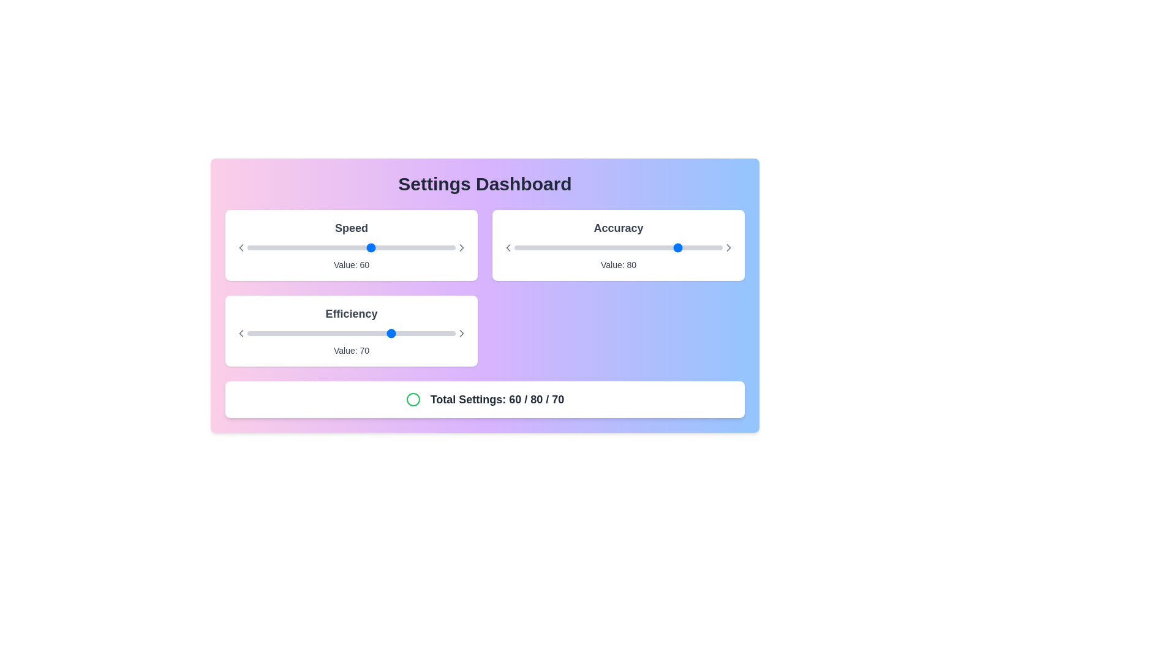 This screenshot has height=661, width=1176. Describe the element at coordinates (629, 248) in the screenshot. I see `accuracy slider` at that location.